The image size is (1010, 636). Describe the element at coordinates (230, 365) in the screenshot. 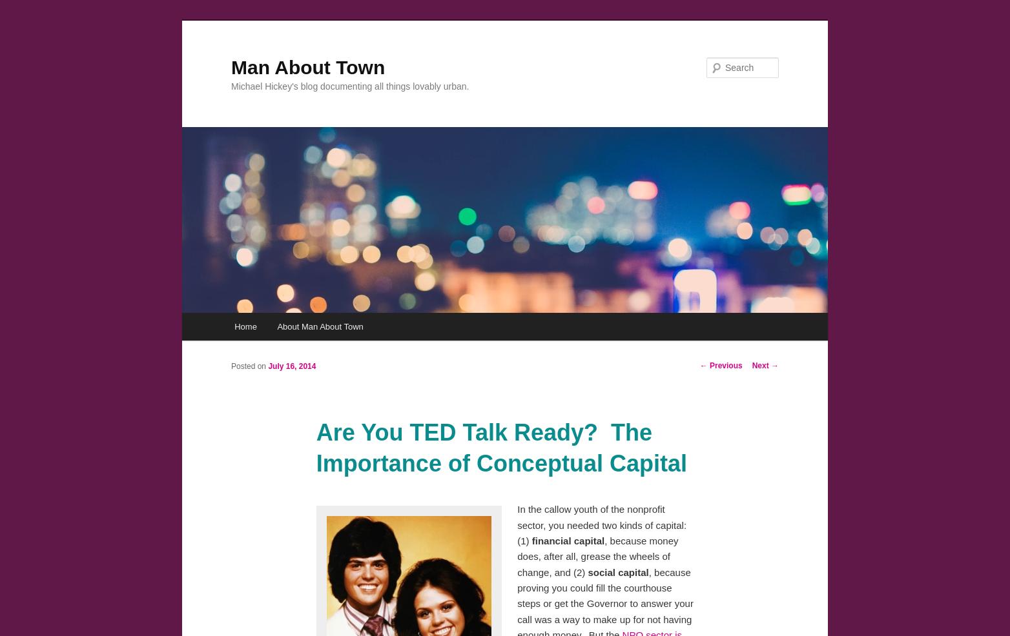

I see `'Posted on'` at that location.